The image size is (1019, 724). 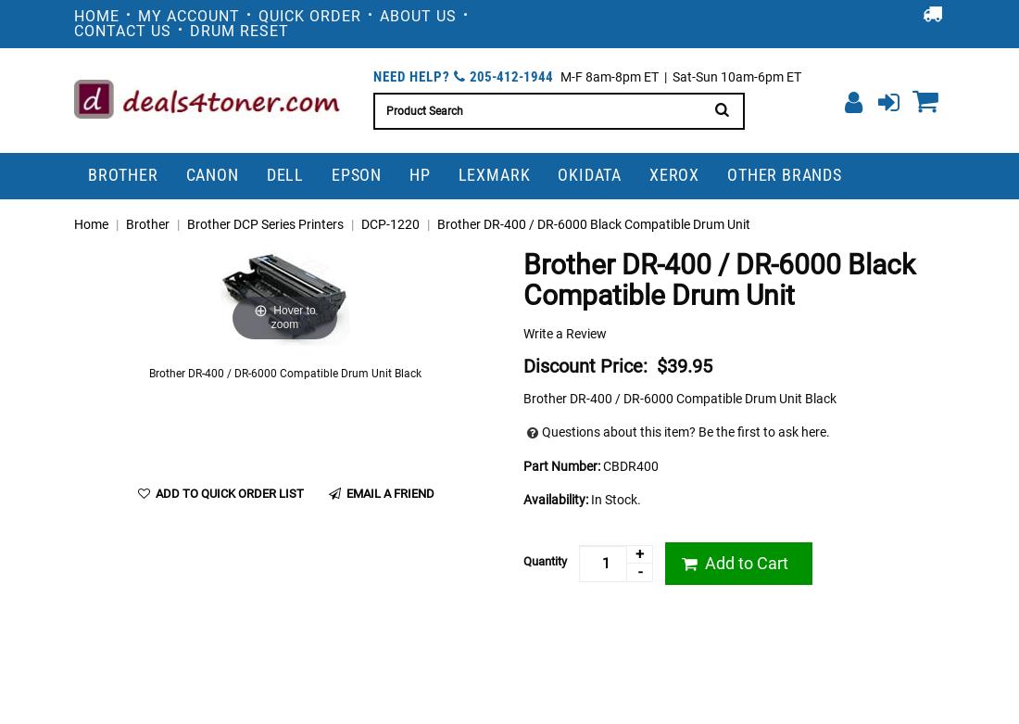 I want to click on 'Canon', so click(x=183, y=172).